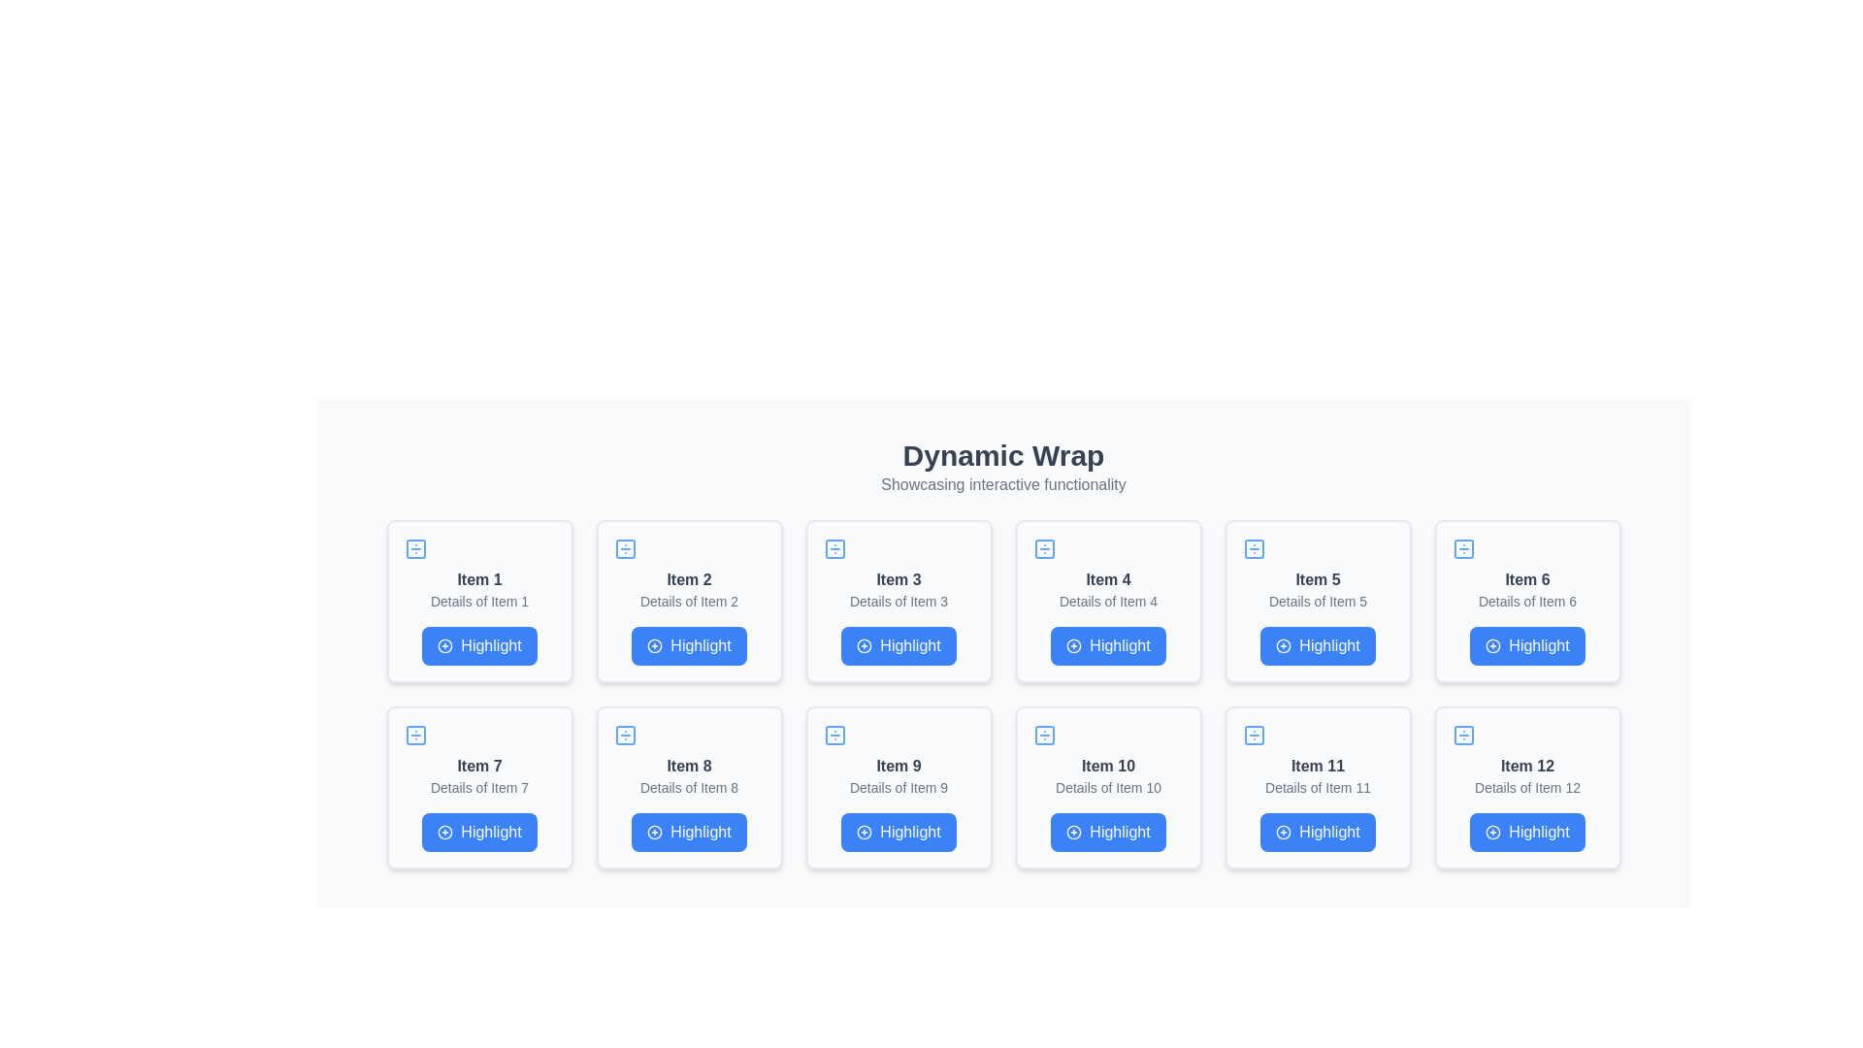  I want to click on the text label displaying 'Details of Item 7' located in the second row, first column card labeled 'Item 7', positioned below the title 'Item 7', so click(479, 788).